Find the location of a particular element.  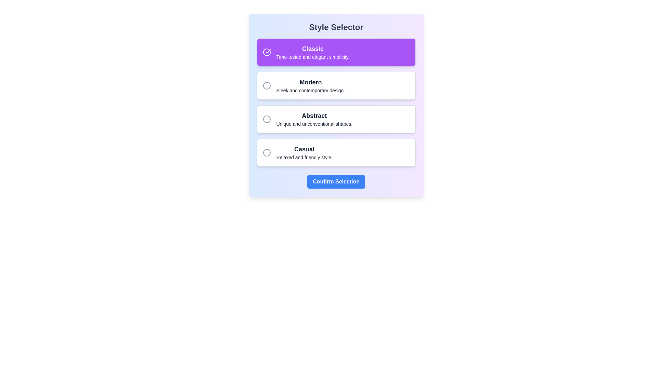

text label that says 'Relaxed and friendly style.' positioned below the 'Casual' label in the style selectors is located at coordinates (304, 158).